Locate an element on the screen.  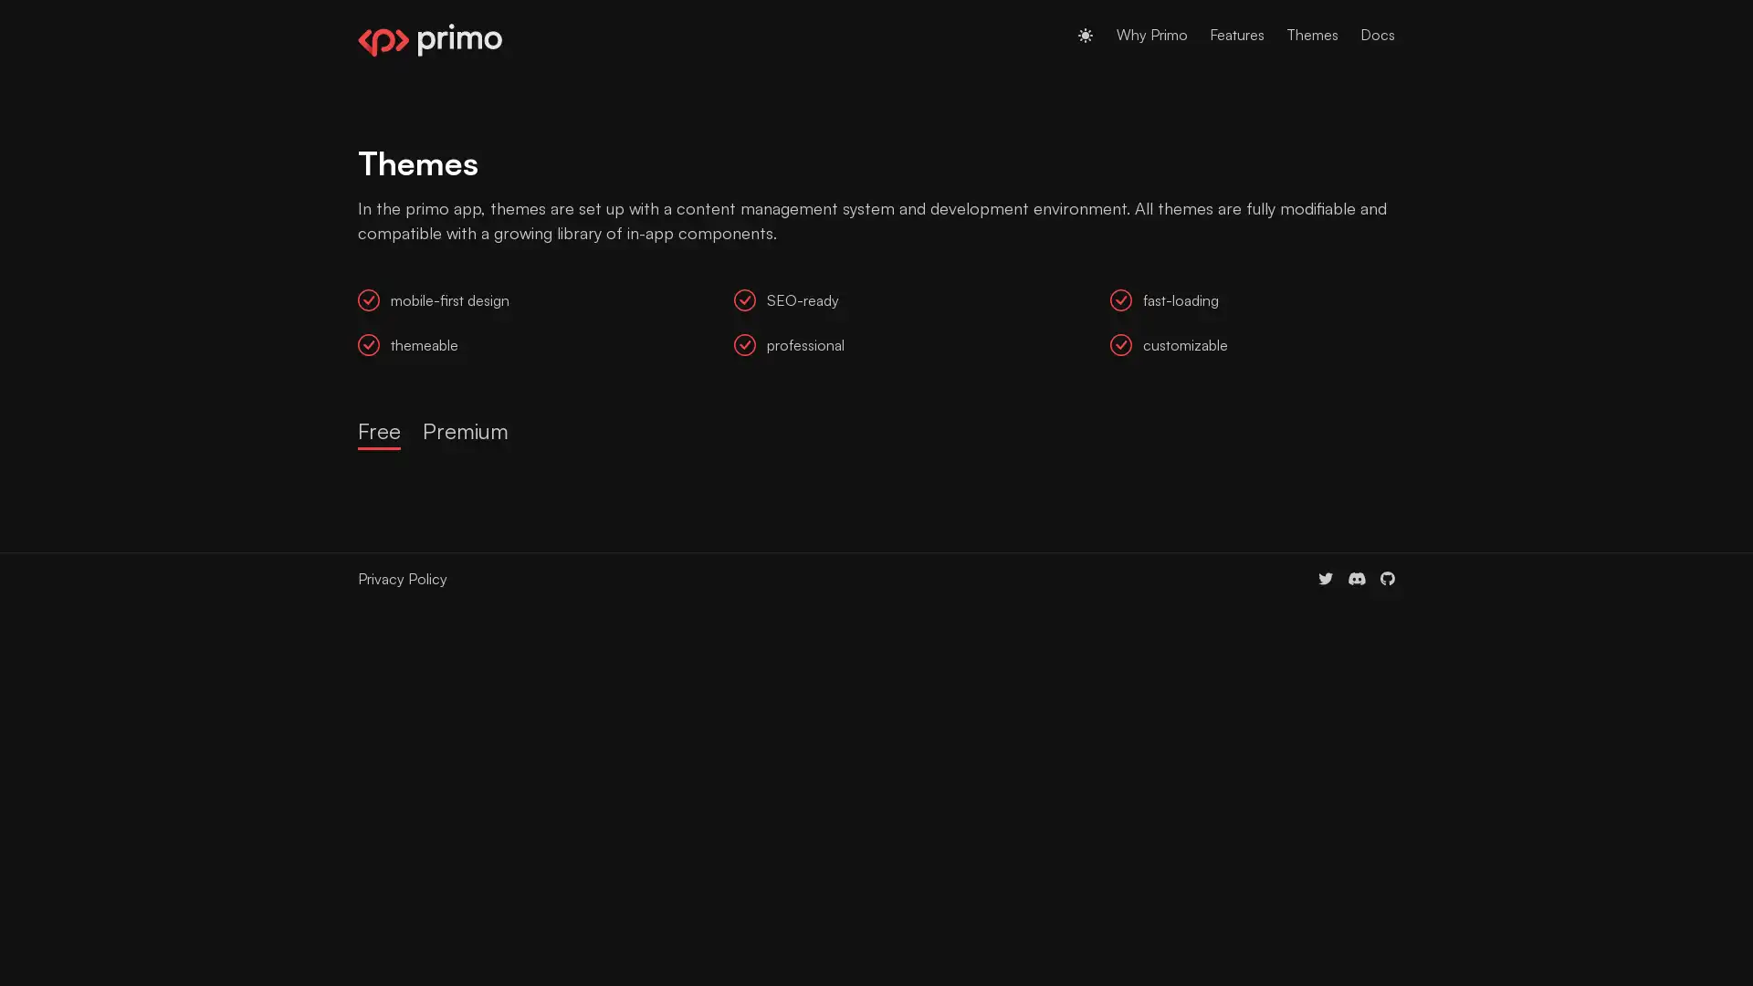
Toggle dark mode is located at coordinates (1086, 35).